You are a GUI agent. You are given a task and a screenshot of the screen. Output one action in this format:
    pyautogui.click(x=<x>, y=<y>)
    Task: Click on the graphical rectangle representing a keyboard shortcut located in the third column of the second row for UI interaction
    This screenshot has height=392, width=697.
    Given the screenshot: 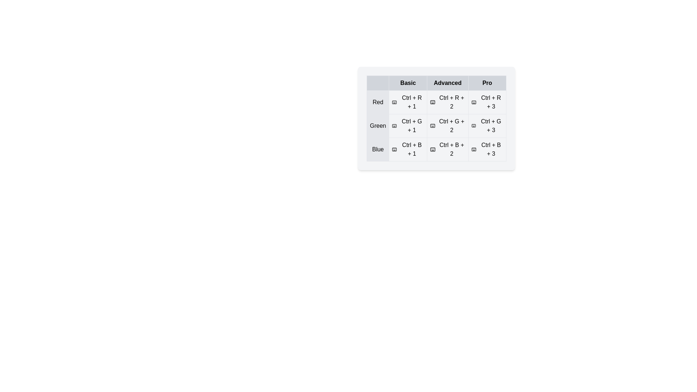 What is the action you would take?
    pyautogui.click(x=474, y=126)
    